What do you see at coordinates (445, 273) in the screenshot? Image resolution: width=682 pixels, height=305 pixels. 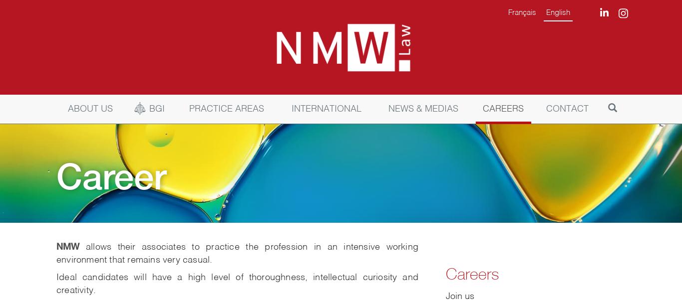 I see `'Careers'` at bounding box center [445, 273].